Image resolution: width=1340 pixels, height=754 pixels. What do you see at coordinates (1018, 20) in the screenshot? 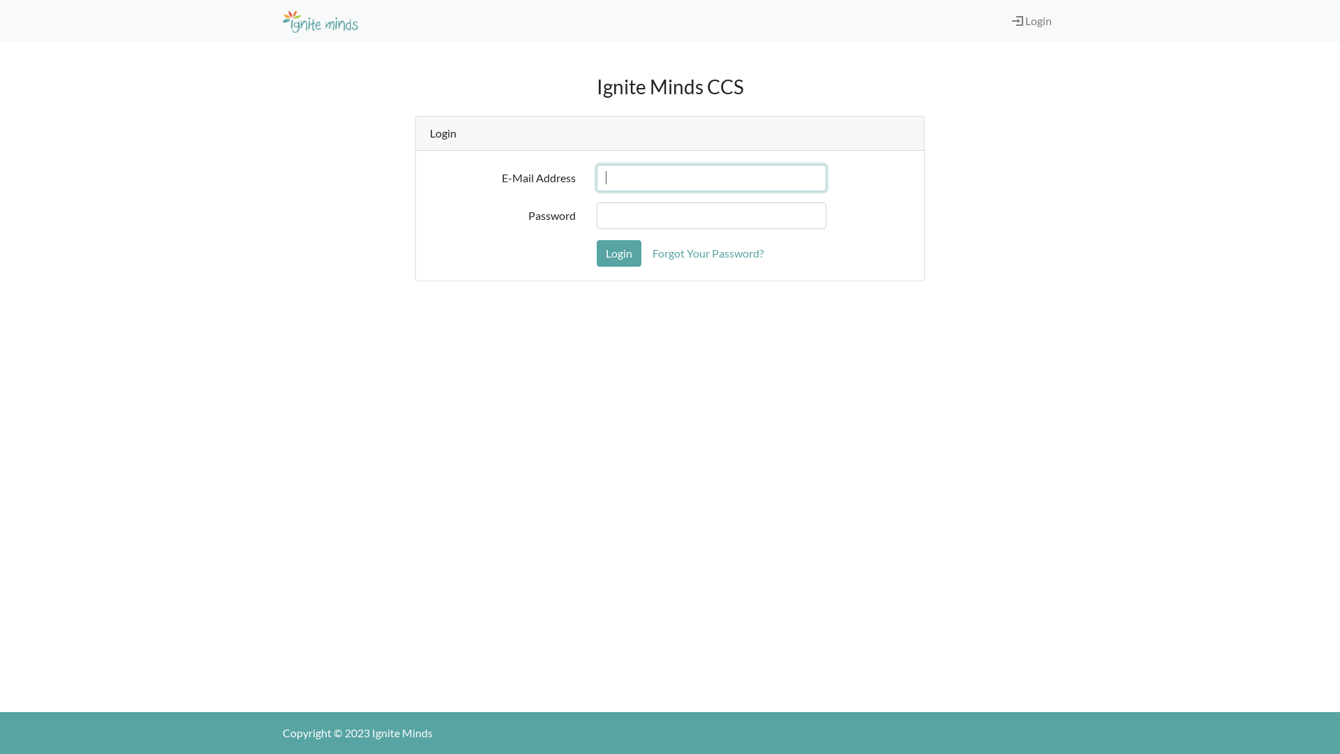
I see `'Login'` at bounding box center [1018, 20].